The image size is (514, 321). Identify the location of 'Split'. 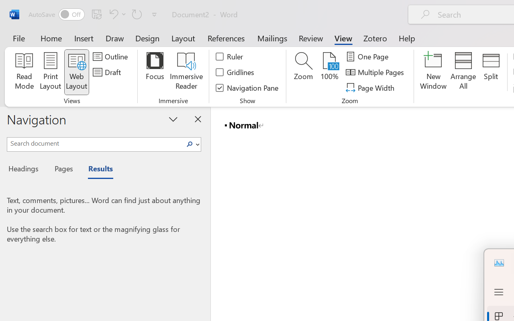
(491, 72).